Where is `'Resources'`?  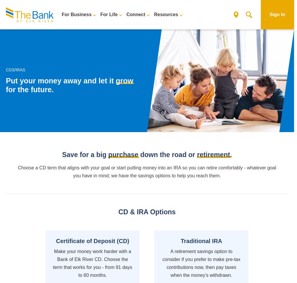
'Resources' is located at coordinates (153, 14).